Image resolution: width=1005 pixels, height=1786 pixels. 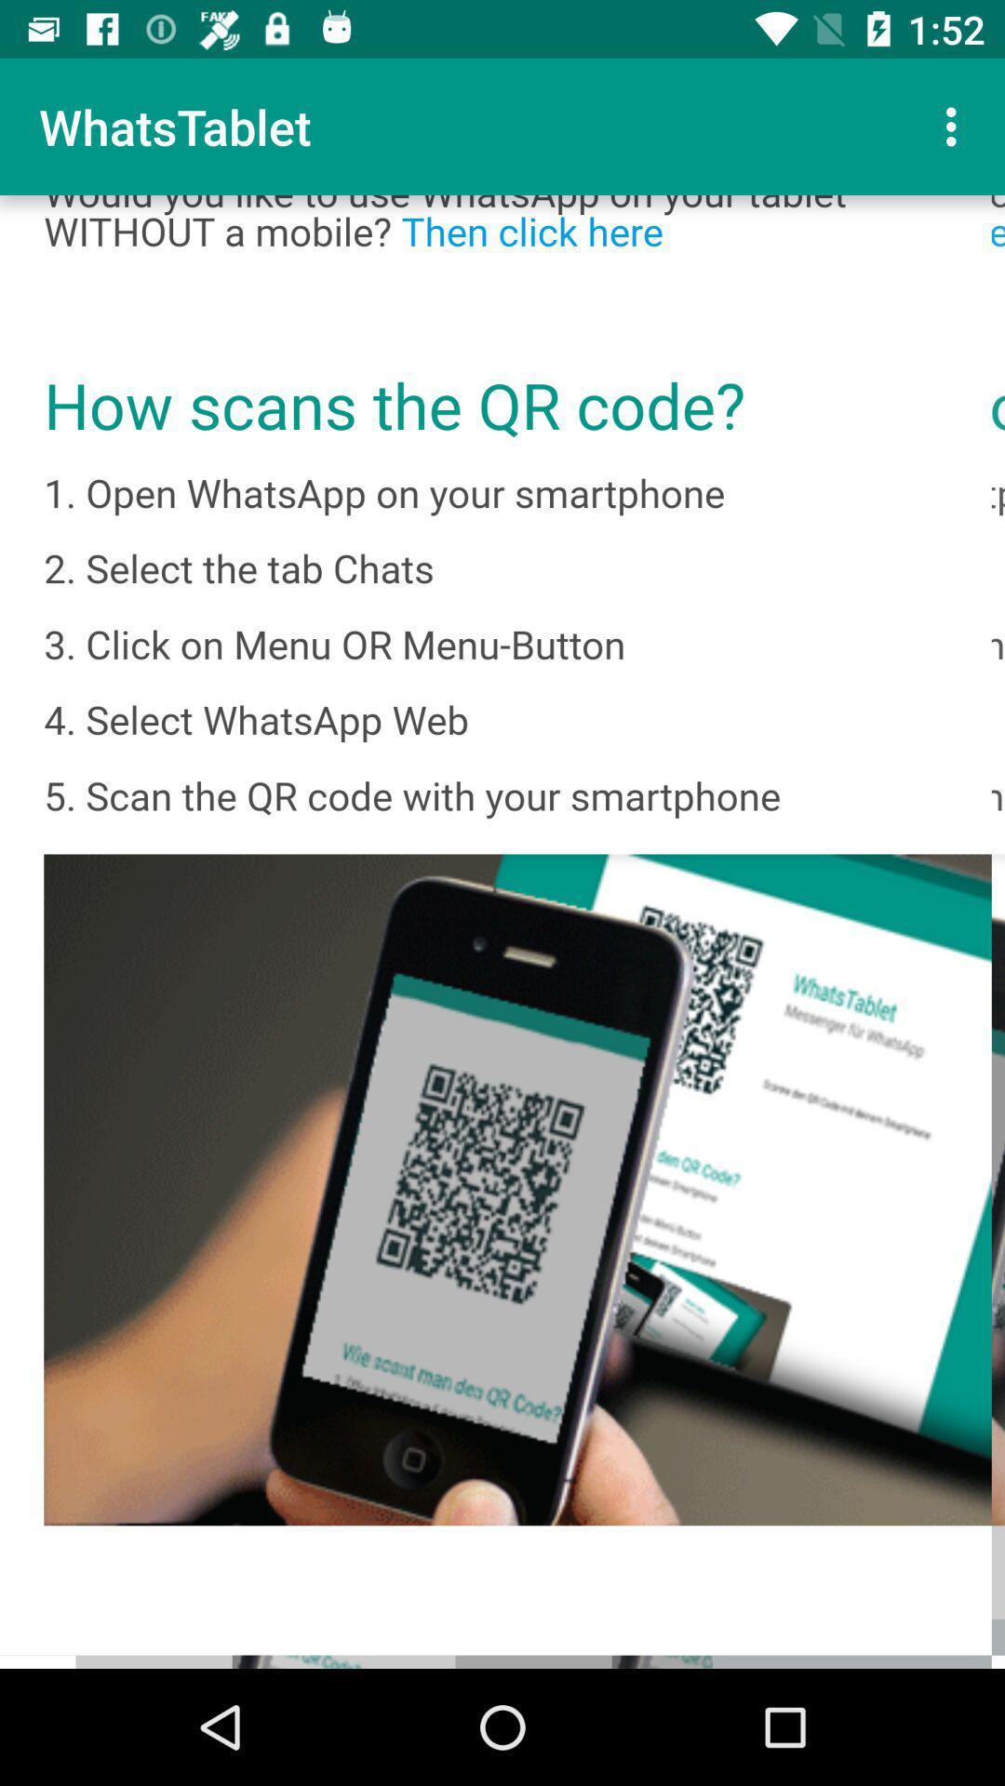 I want to click on app to the right of whatstablet item, so click(x=956, y=126).